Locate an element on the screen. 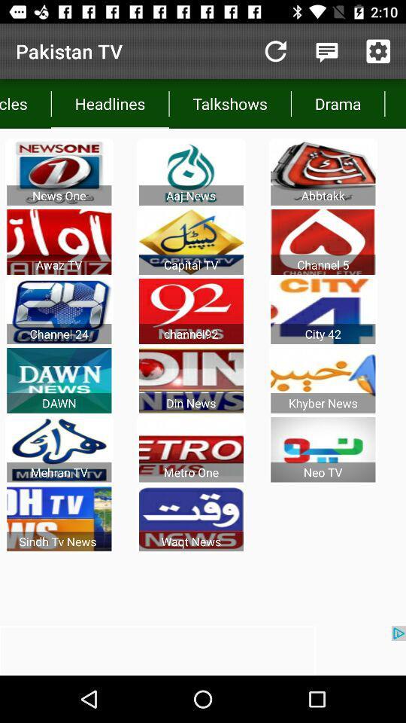 The height and width of the screenshot is (723, 406). icon to the left of the morningshows icon is located at coordinates (338, 102).